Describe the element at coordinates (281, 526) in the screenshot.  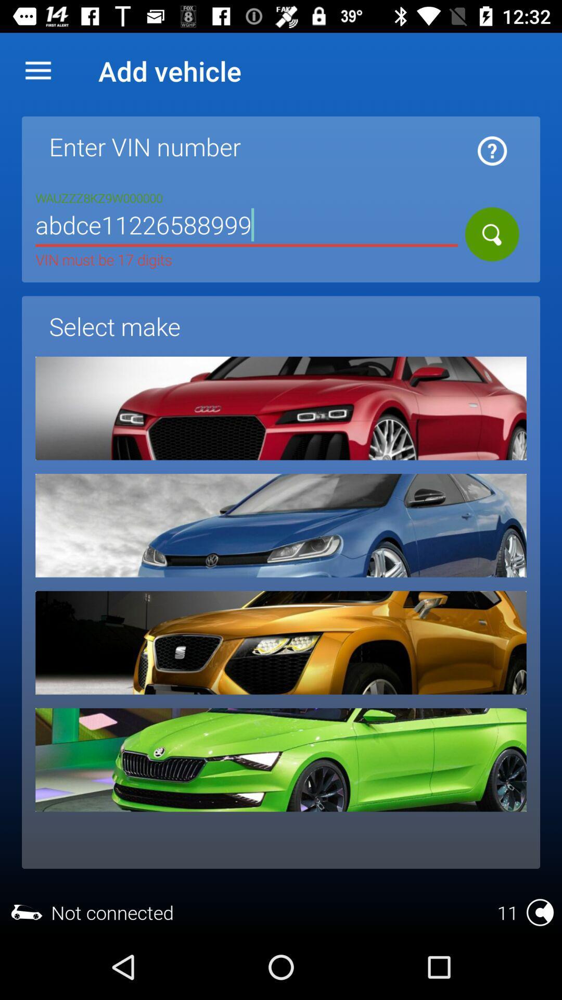
I see `second make available` at that location.